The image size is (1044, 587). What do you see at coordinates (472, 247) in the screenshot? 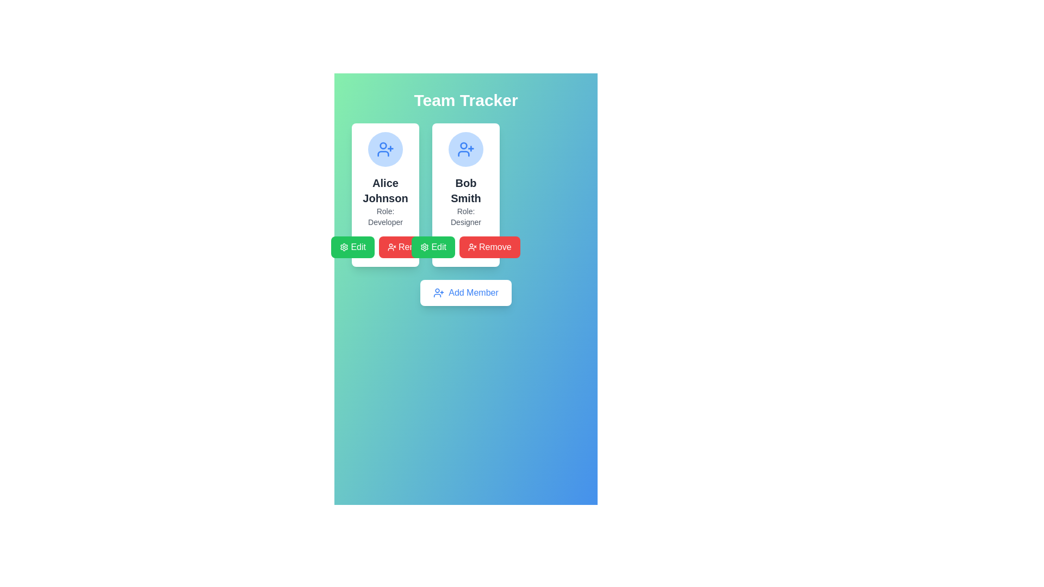
I see `the red user profile icon with a small 'X' next to it within the 'Remove' button to initiate the removal action` at bounding box center [472, 247].